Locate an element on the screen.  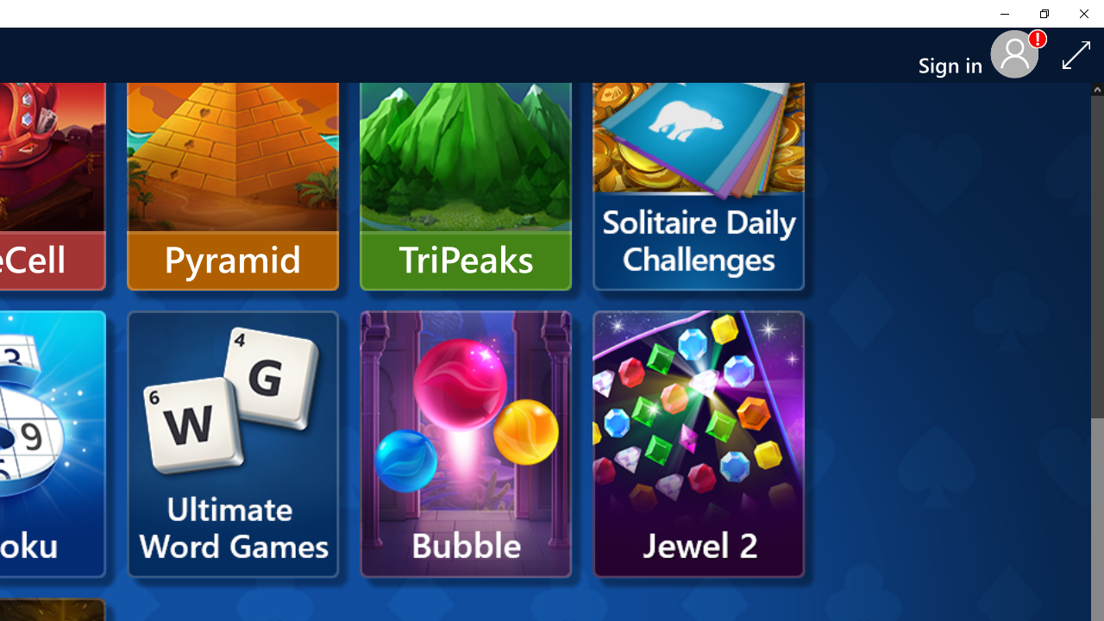
'Minimize Solitaire & Casual Games' is located at coordinates (1004, 13).